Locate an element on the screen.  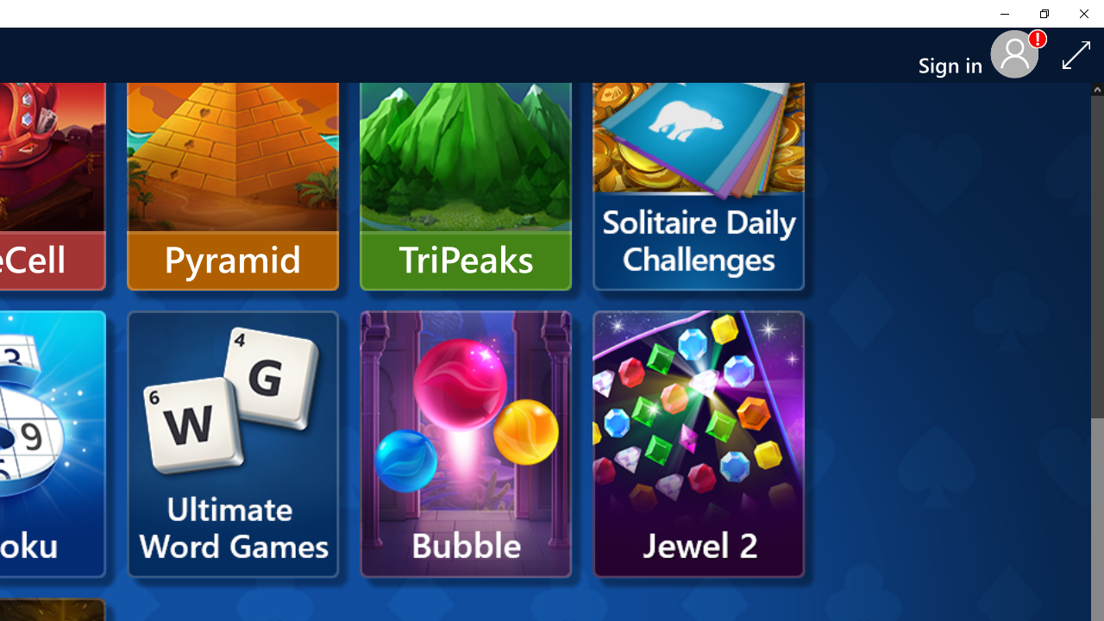
'Minimize Solitaire & Casual Games' is located at coordinates (1004, 13).